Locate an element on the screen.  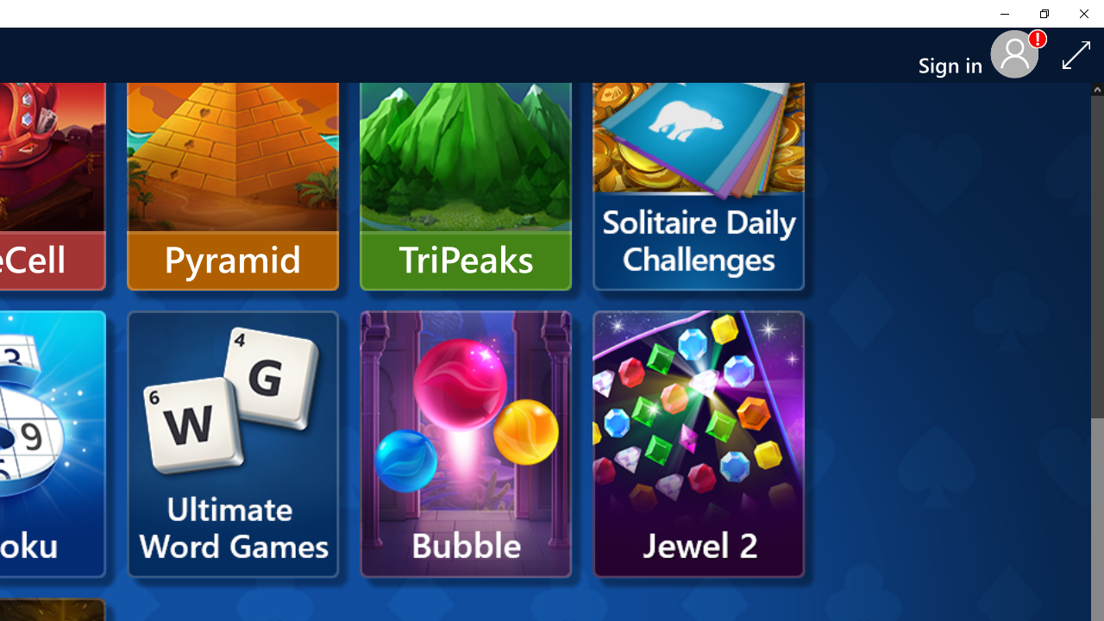
'Minimize Solitaire & Casual Games' is located at coordinates (1004, 13).